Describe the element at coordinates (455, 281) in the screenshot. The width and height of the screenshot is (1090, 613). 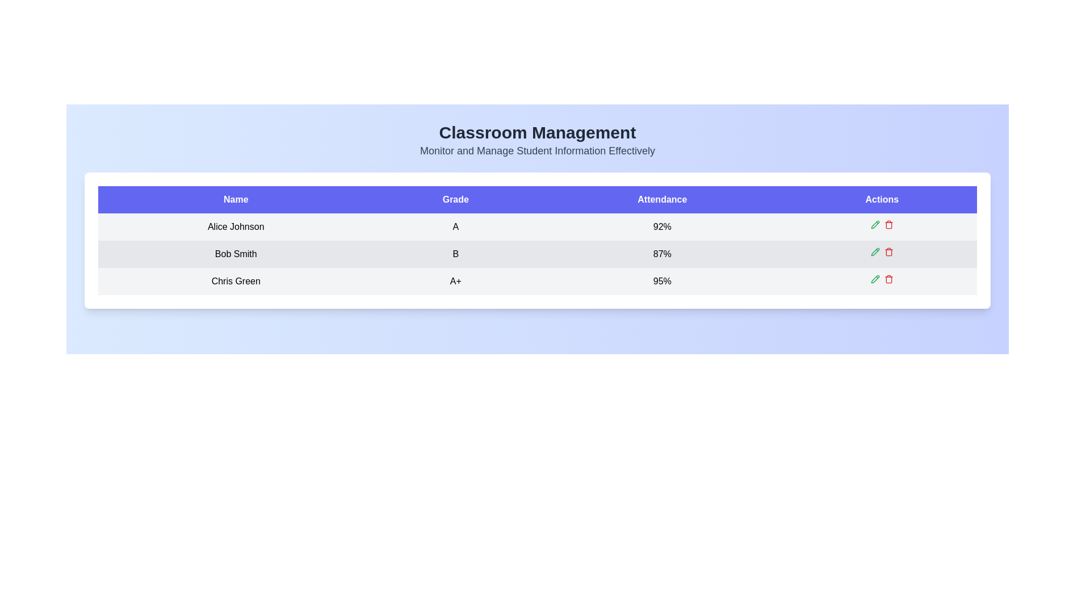
I see `the static text label displaying the grade for 'Chris Green' in the 'Grade' column, located between the 'Name' column and the 'Attendance' column` at that location.